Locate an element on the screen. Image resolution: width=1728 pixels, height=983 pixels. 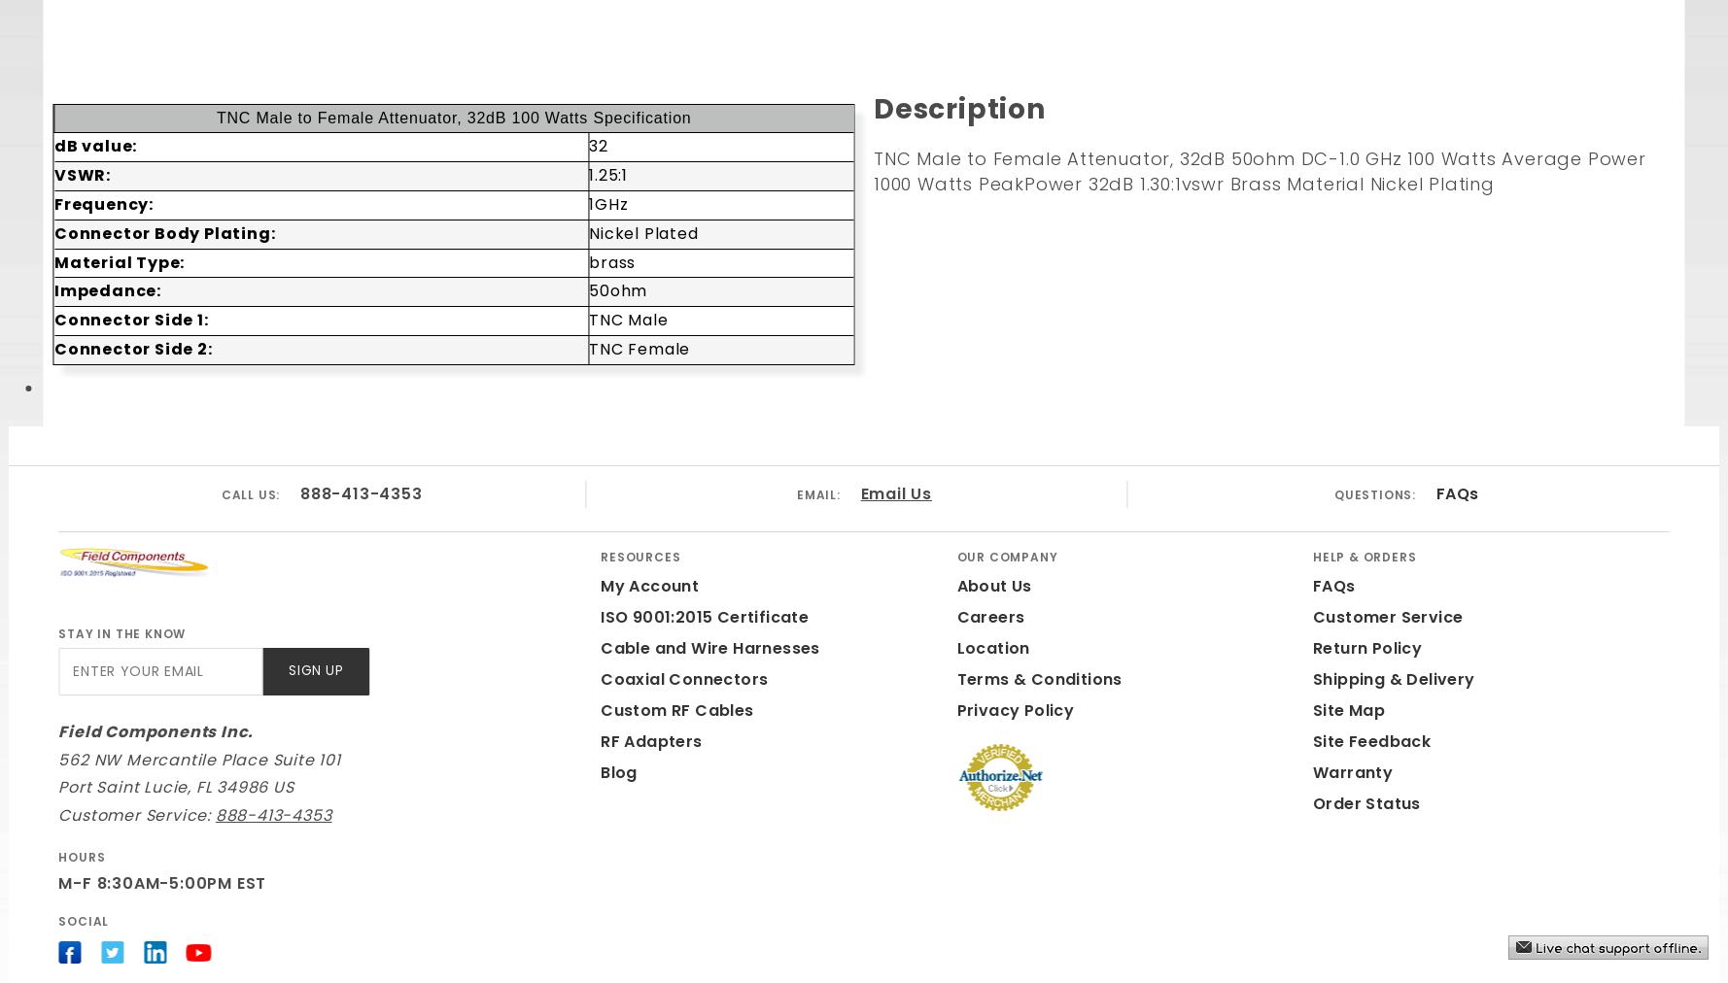
'Help & Orders' is located at coordinates (1365, 556).